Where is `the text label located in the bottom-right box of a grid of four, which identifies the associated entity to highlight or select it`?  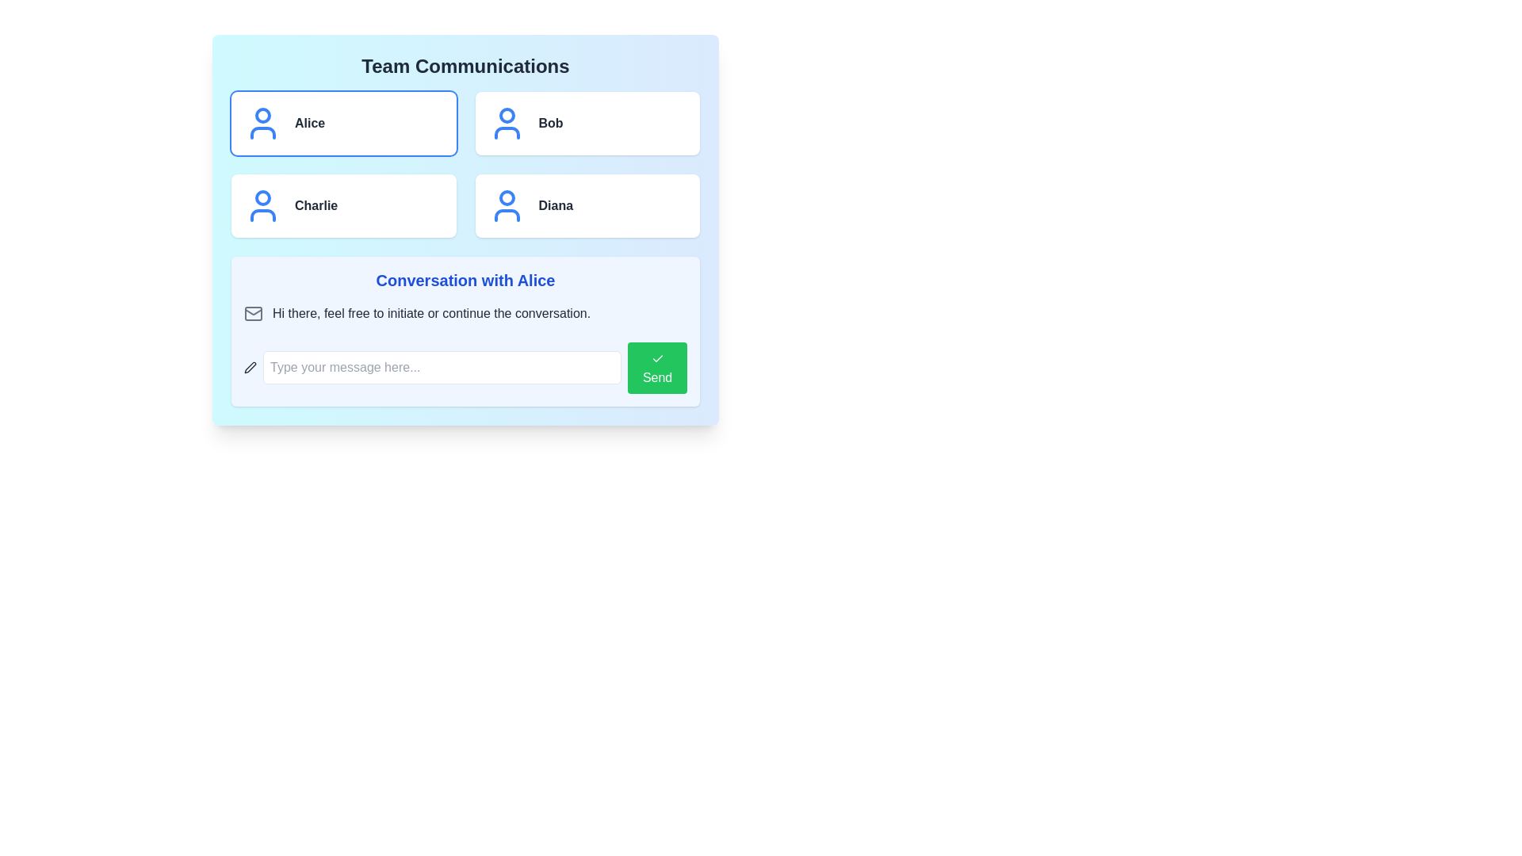 the text label located in the bottom-right box of a grid of four, which identifies the associated entity to highlight or select it is located at coordinates (555, 204).